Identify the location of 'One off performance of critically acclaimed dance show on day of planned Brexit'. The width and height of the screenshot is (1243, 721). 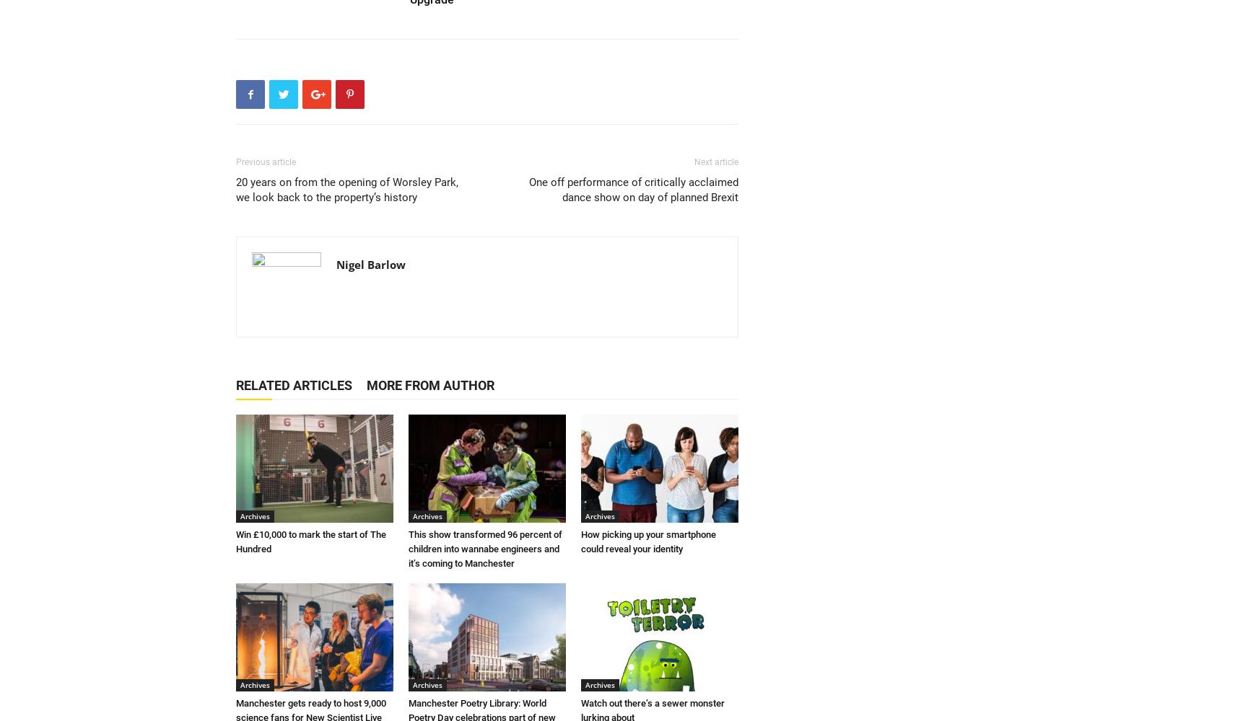
(528, 190).